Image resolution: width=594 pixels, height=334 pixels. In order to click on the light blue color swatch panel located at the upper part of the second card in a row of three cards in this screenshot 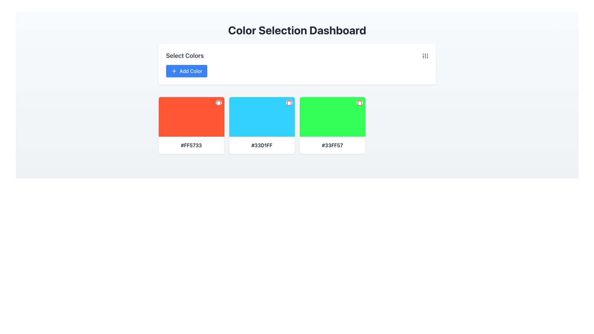, I will do `click(262, 117)`.